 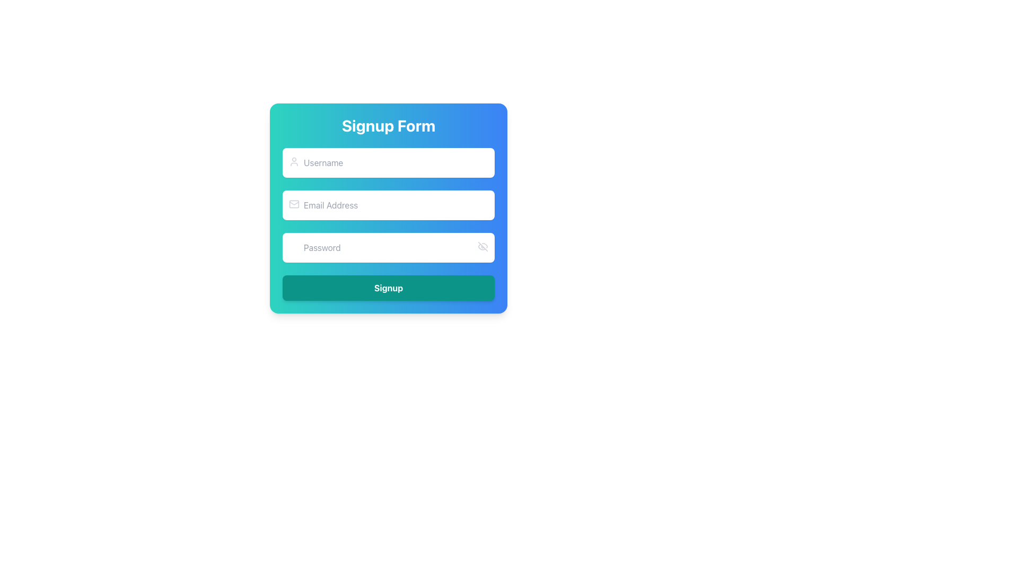 I want to click on and drop text into the email input field located in the Signup form, which is the second text input below the Username field, so click(x=388, y=205).